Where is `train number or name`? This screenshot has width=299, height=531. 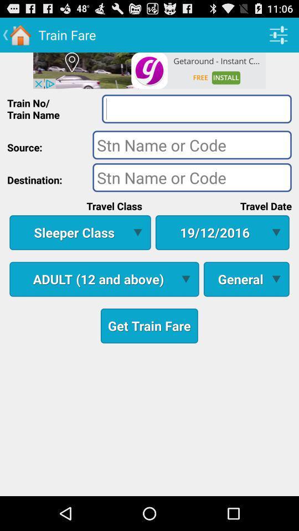
train number or name is located at coordinates (196, 108).